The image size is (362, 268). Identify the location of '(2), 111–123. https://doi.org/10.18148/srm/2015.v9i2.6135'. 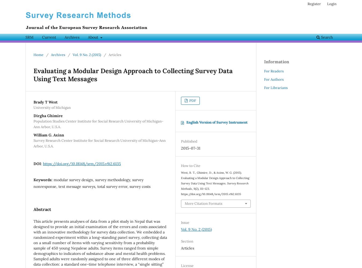
(181, 191).